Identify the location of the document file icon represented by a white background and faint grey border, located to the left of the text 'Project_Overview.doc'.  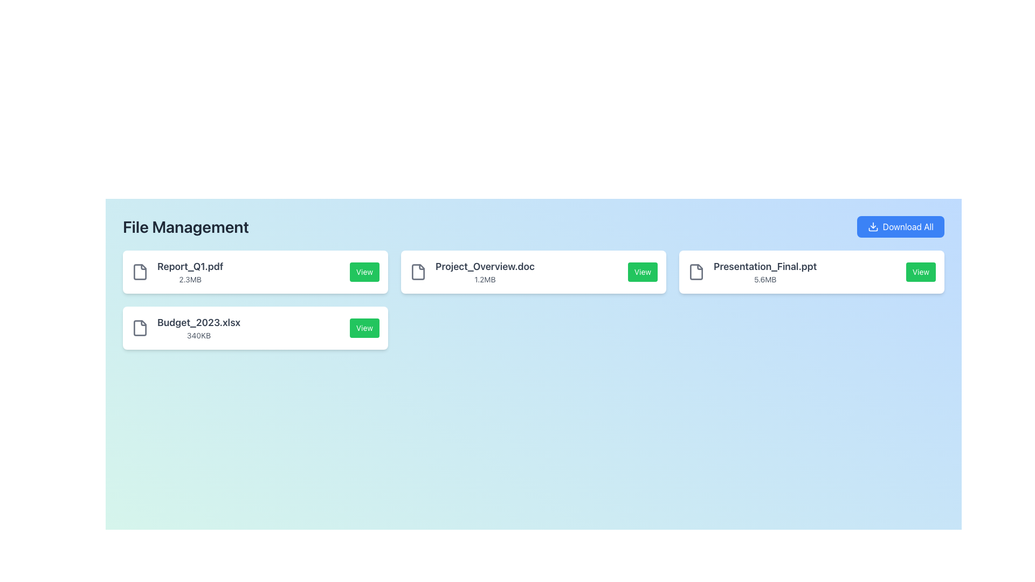
(418, 271).